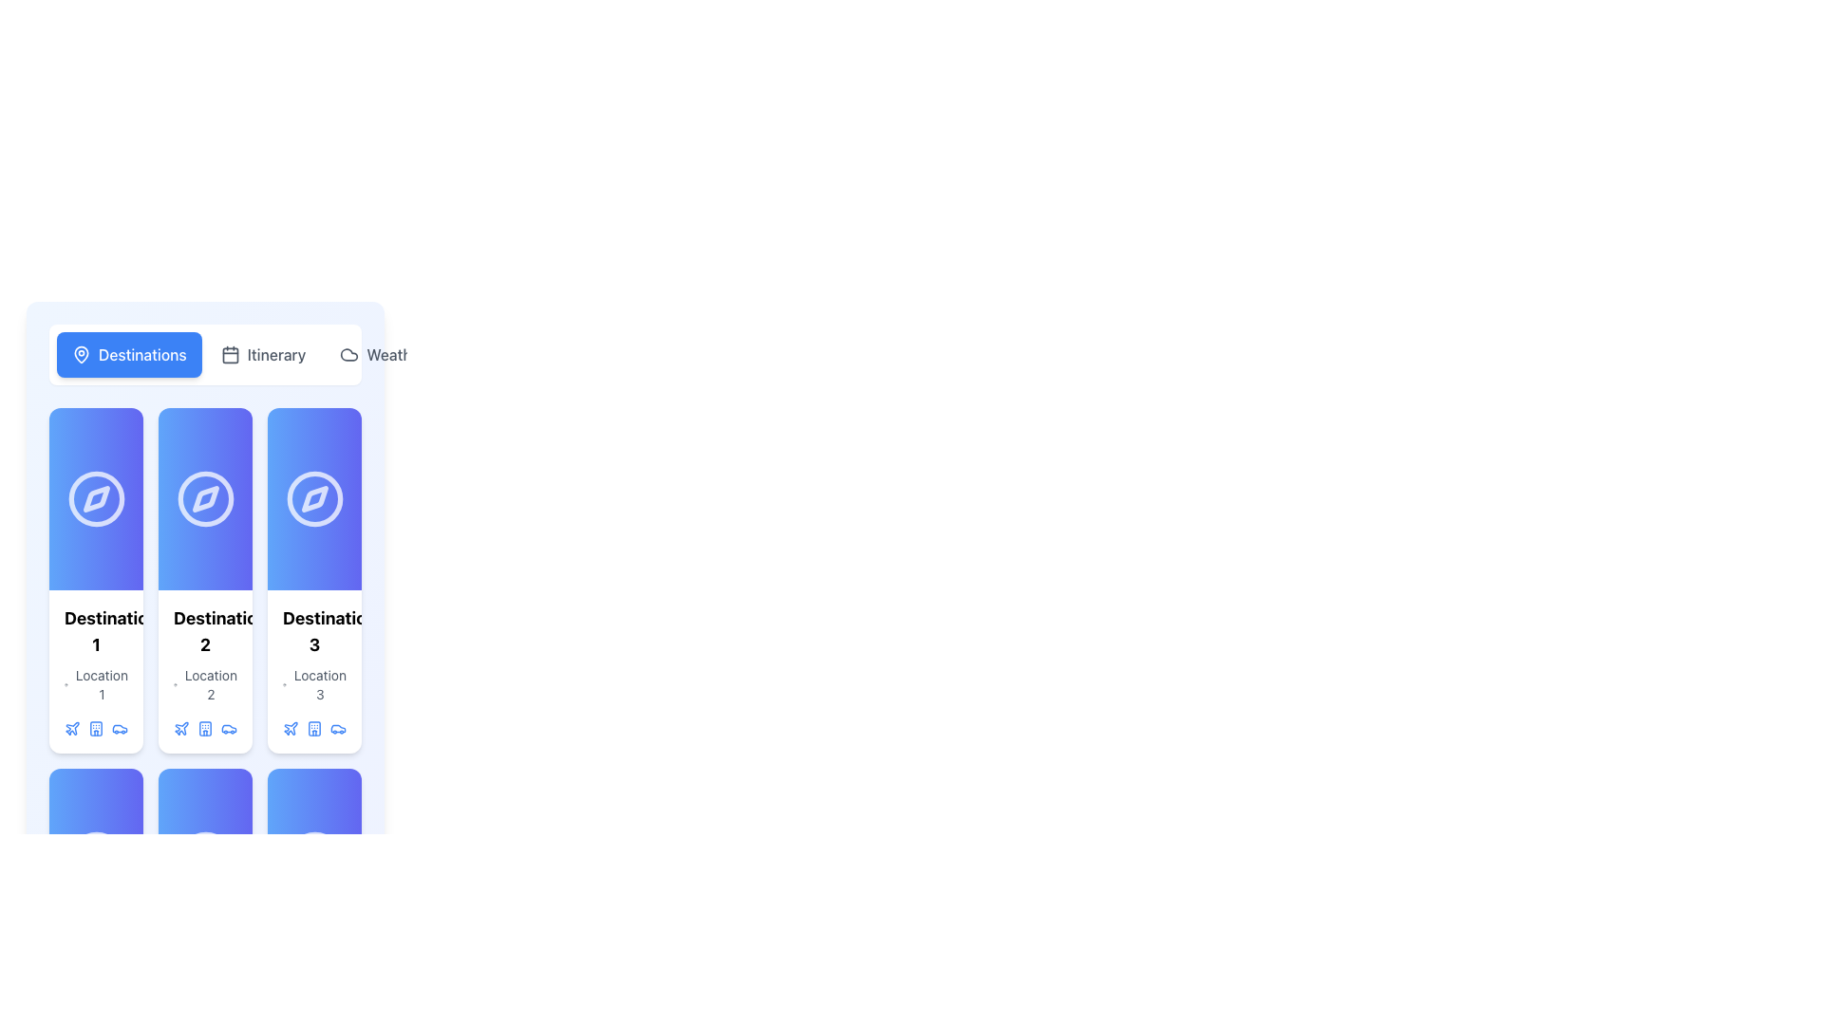 Image resolution: width=1823 pixels, height=1025 pixels. Describe the element at coordinates (314, 727) in the screenshot. I see `the blue hotel building icon, which is the second icon in the 'Destinations' panel labeled 'Destination 3'` at that location.